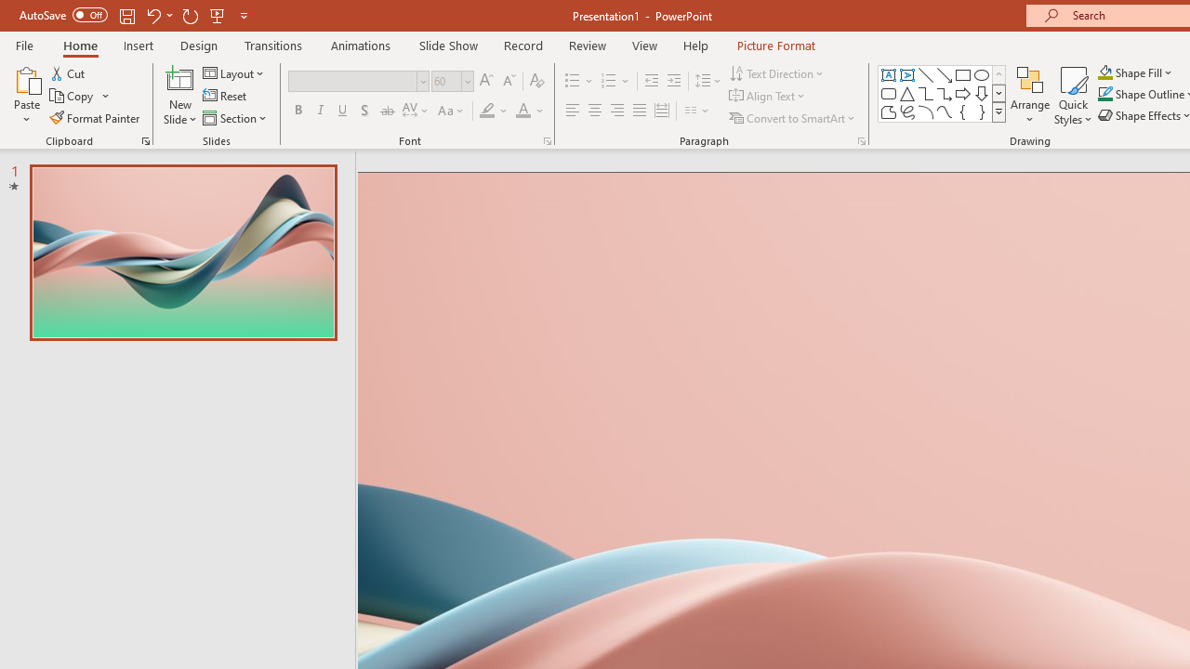 This screenshot has height=669, width=1190. What do you see at coordinates (907, 111) in the screenshot?
I see `'Freeform: Scribble'` at bounding box center [907, 111].